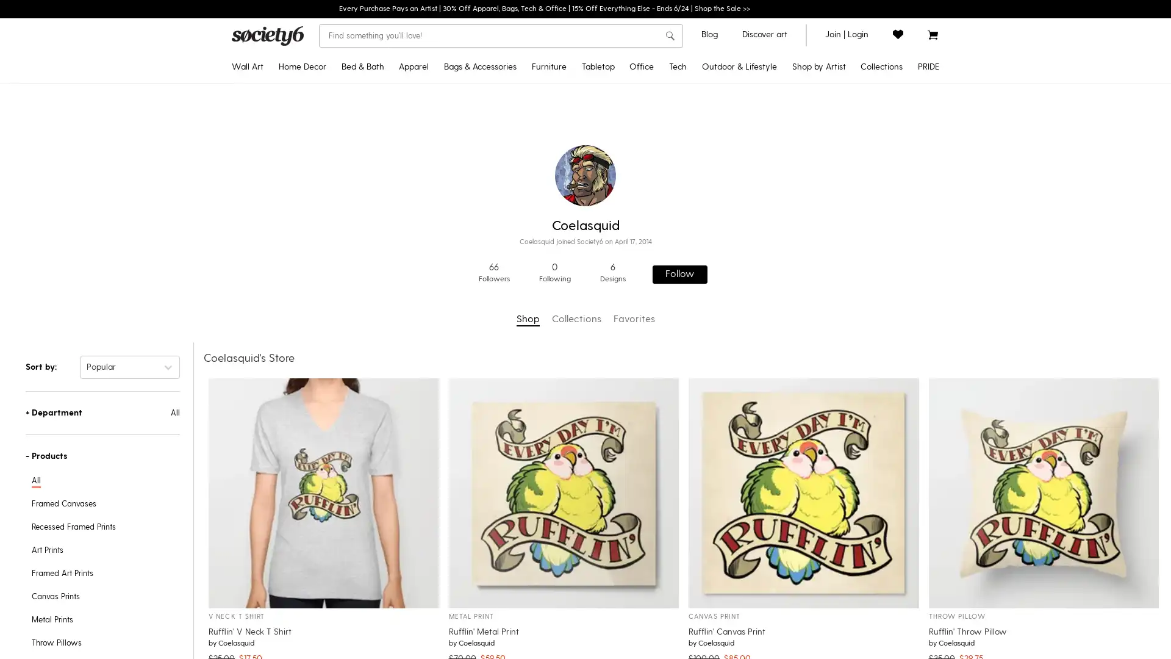 Image resolution: width=1171 pixels, height=659 pixels. What do you see at coordinates (836, 334) in the screenshot?
I see `Introducing: Tabletop Textiles` at bounding box center [836, 334].